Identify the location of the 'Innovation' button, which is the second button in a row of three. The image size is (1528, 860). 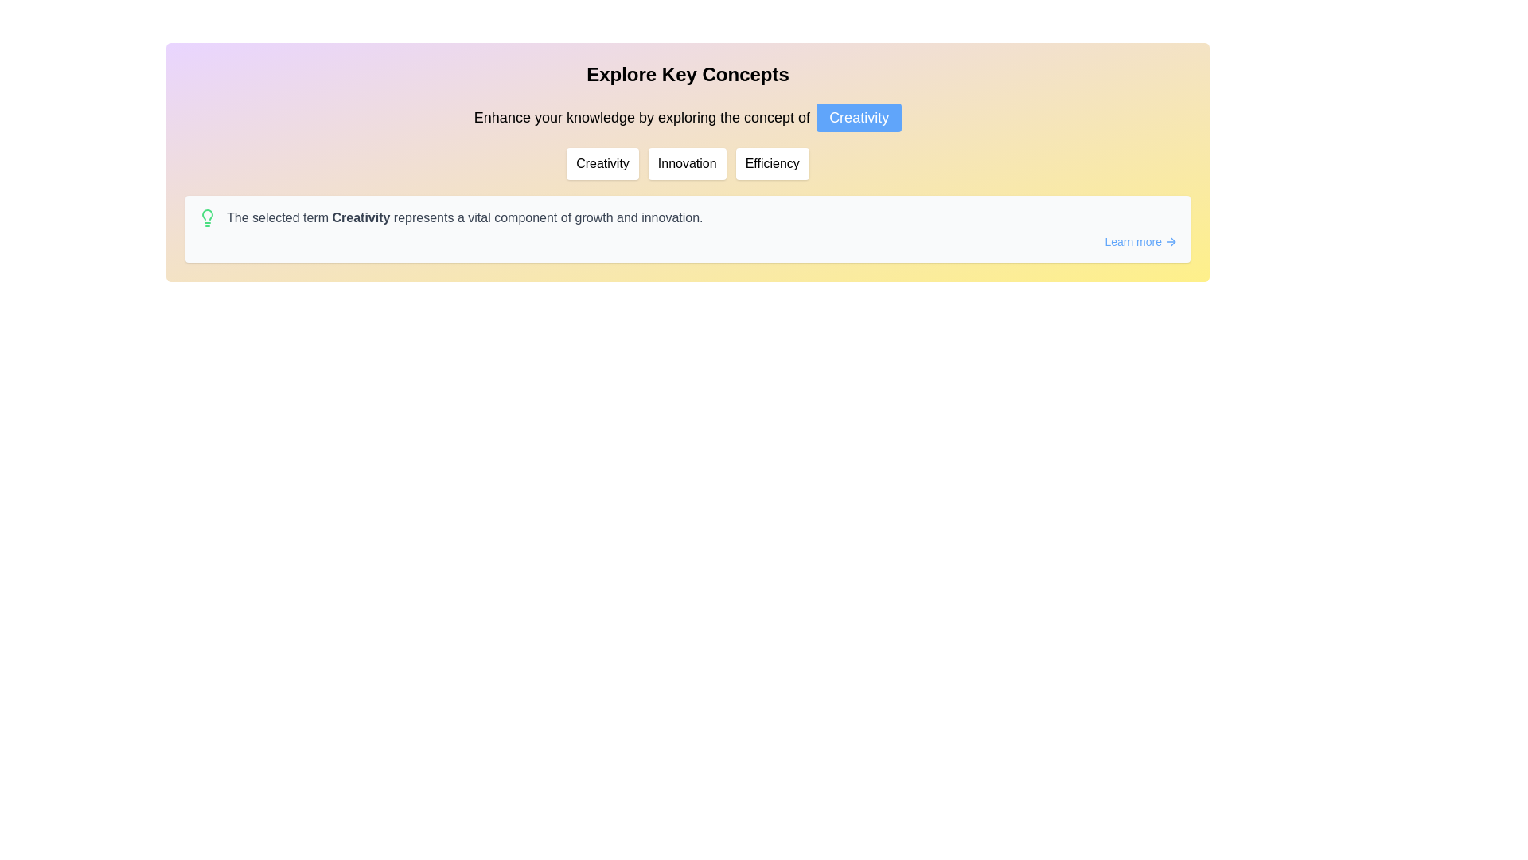
(688, 163).